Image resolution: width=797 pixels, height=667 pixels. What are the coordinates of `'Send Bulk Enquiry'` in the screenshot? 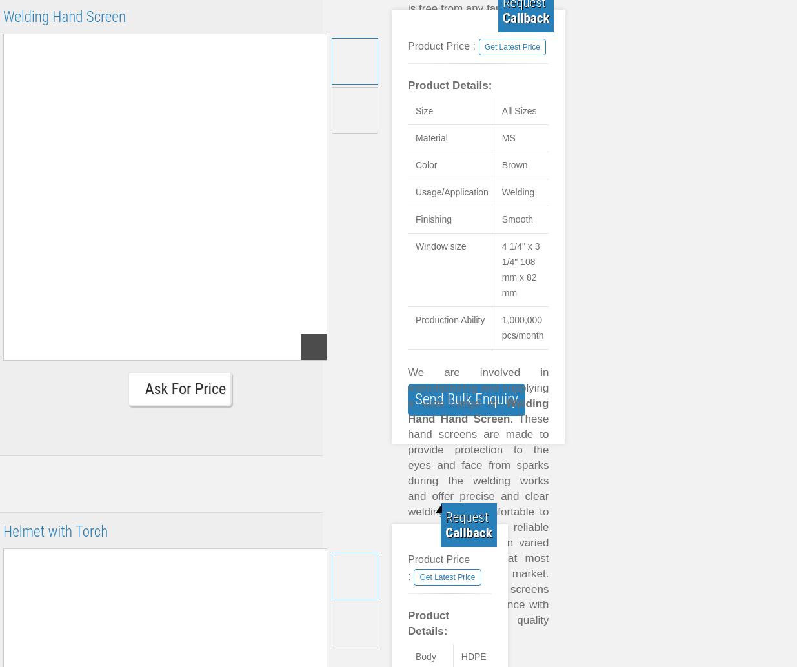 It's located at (466, 399).